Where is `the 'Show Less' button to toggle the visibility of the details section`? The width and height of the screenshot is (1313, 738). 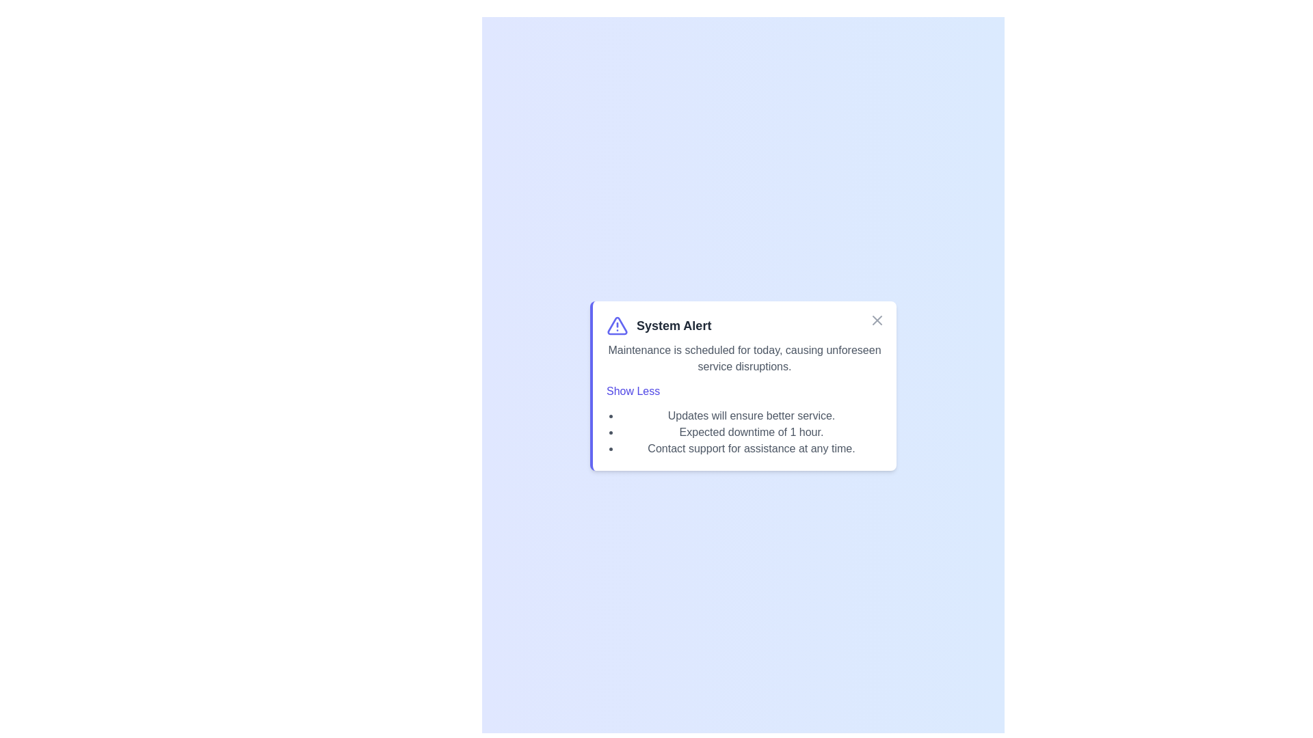 the 'Show Less' button to toggle the visibility of the details section is located at coordinates (633, 392).